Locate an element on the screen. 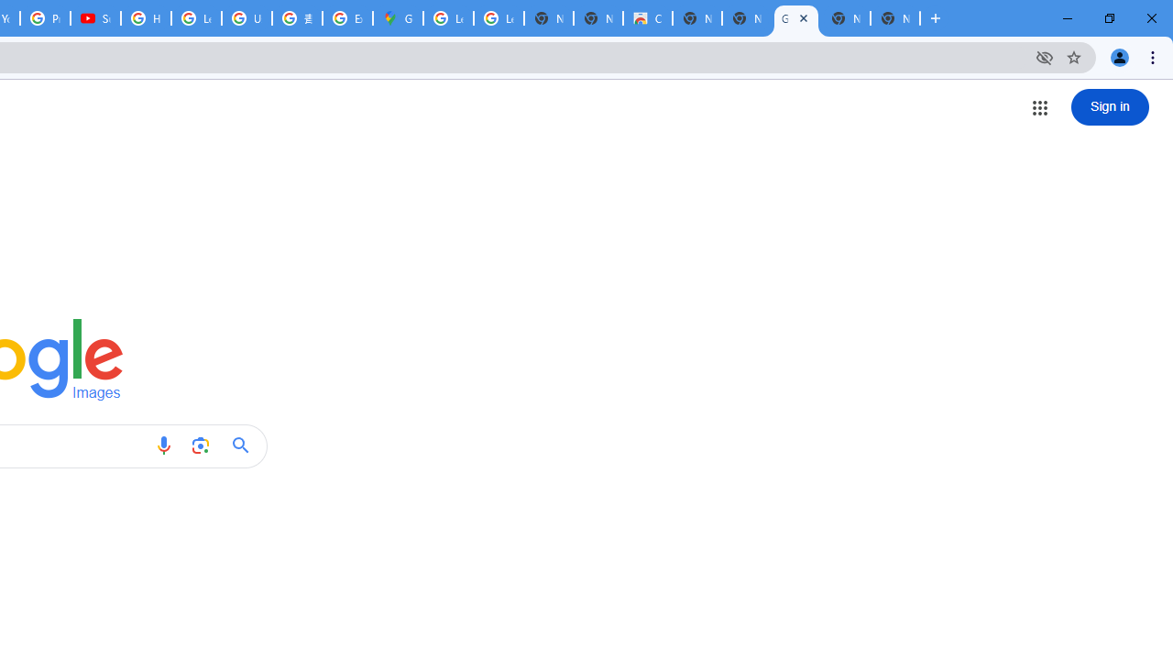 Image resolution: width=1173 pixels, height=660 pixels. 'Google Images' is located at coordinates (796, 18).